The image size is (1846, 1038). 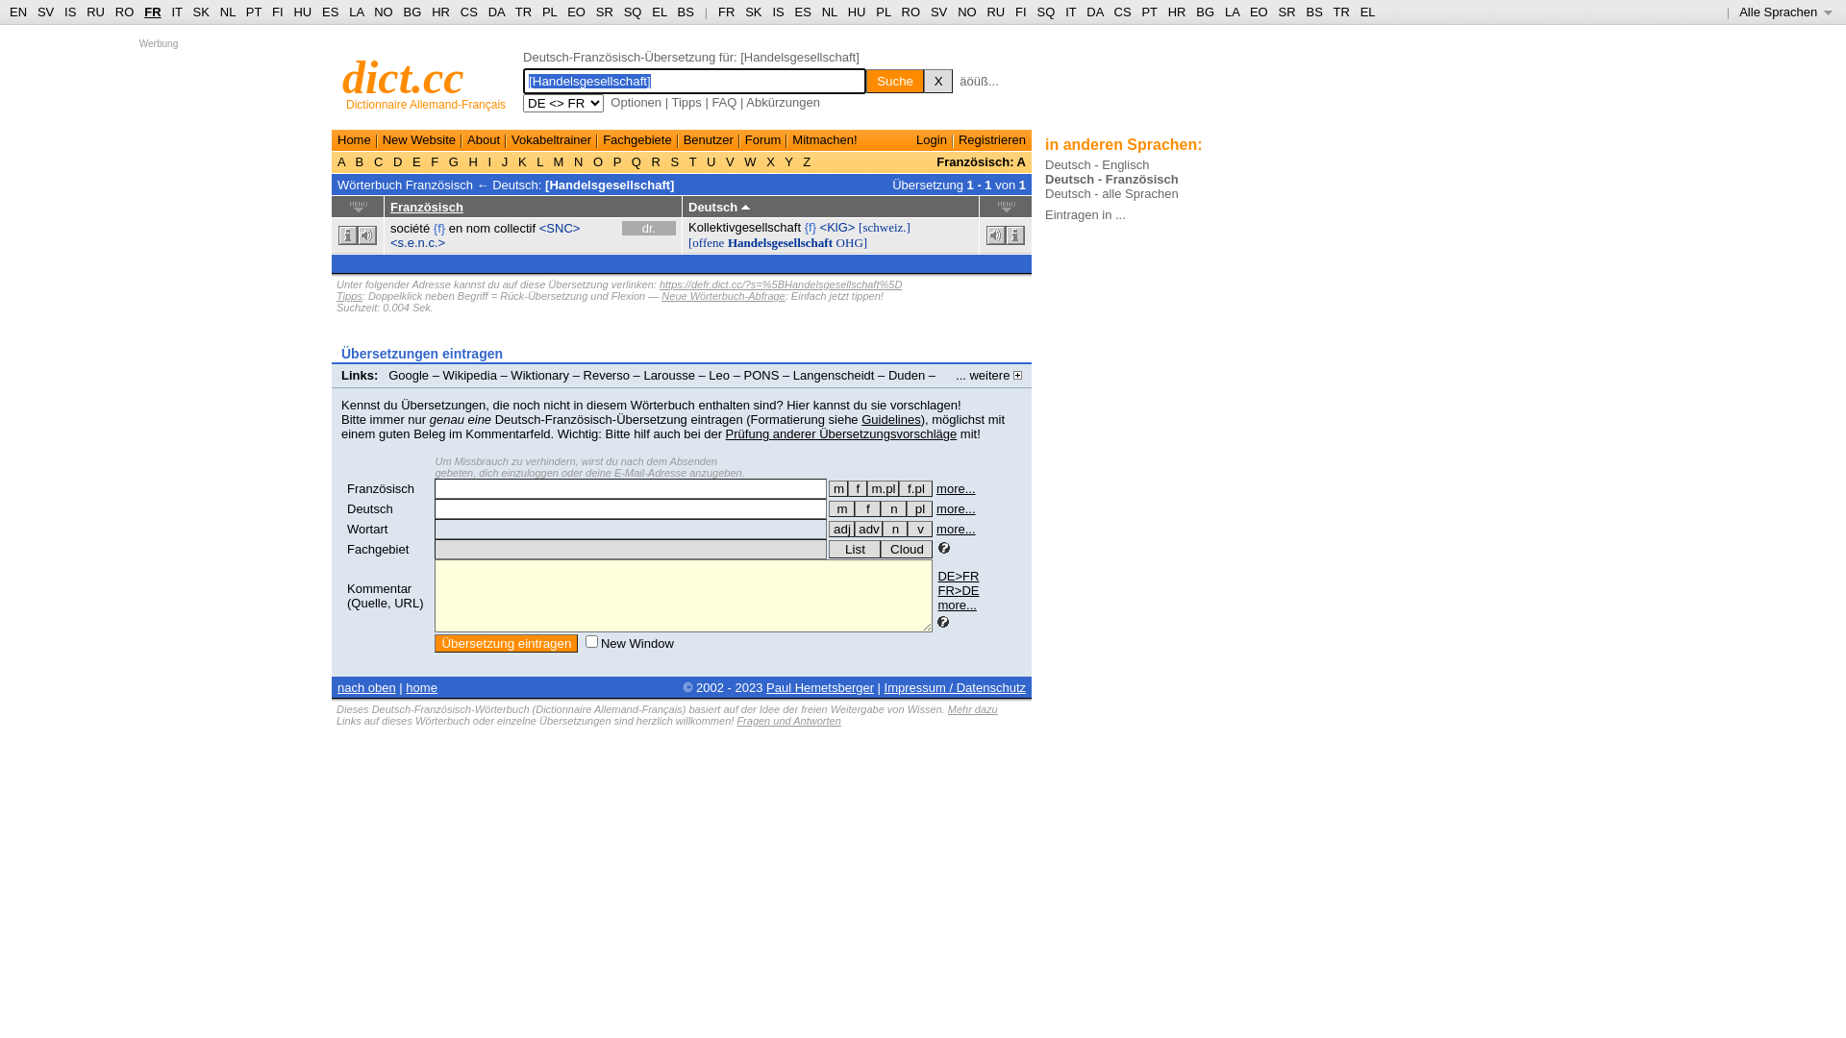 What do you see at coordinates (511, 138) in the screenshot?
I see `'Vokabeltrainer'` at bounding box center [511, 138].